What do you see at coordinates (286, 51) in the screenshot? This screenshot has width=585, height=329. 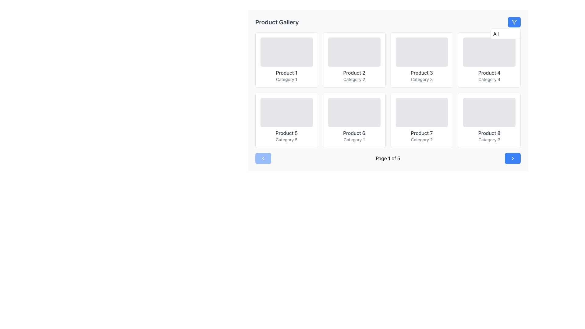 I see `the image placeholder, which is a rectangular element with a light gray background and rounded corners, positioned above 'Product 1' and 'Category 1'` at bounding box center [286, 51].